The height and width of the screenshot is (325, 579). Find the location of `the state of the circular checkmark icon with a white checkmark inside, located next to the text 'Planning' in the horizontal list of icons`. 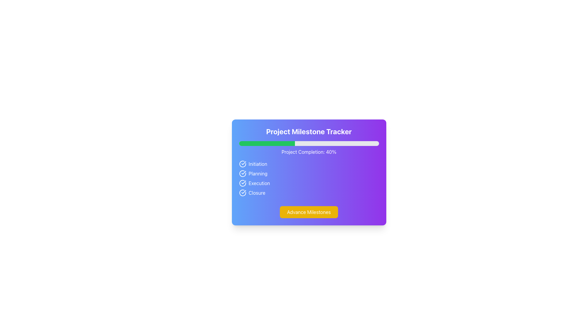

the state of the circular checkmark icon with a white checkmark inside, located next to the text 'Planning' in the horizontal list of icons is located at coordinates (244, 174).